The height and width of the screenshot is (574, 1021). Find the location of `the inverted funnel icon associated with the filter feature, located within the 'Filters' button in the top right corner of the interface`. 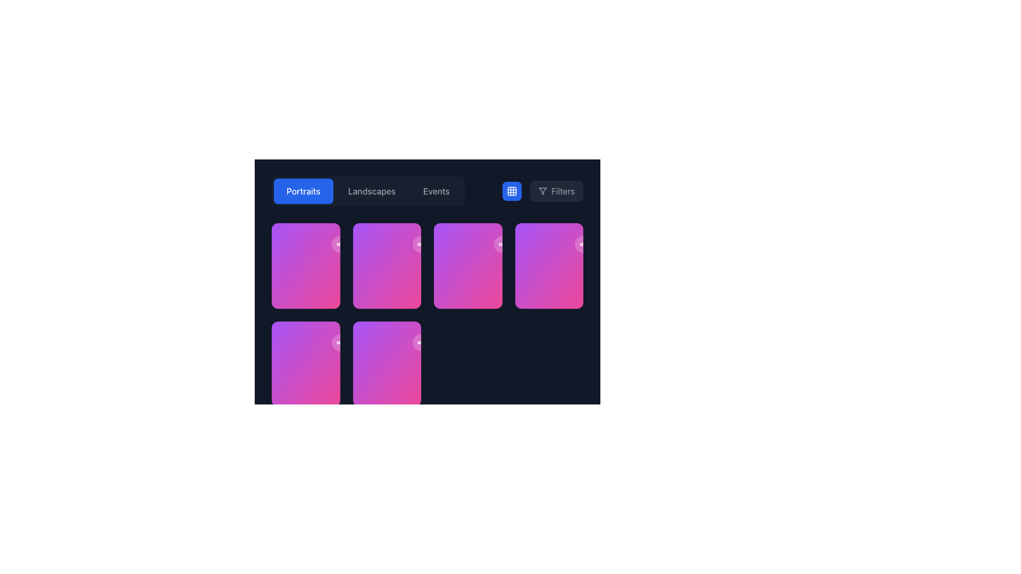

the inverted funnel icon associated with the filter feature, located within the 'Filters' button in the top right corner of the interface is located at coordinates (542, 190).